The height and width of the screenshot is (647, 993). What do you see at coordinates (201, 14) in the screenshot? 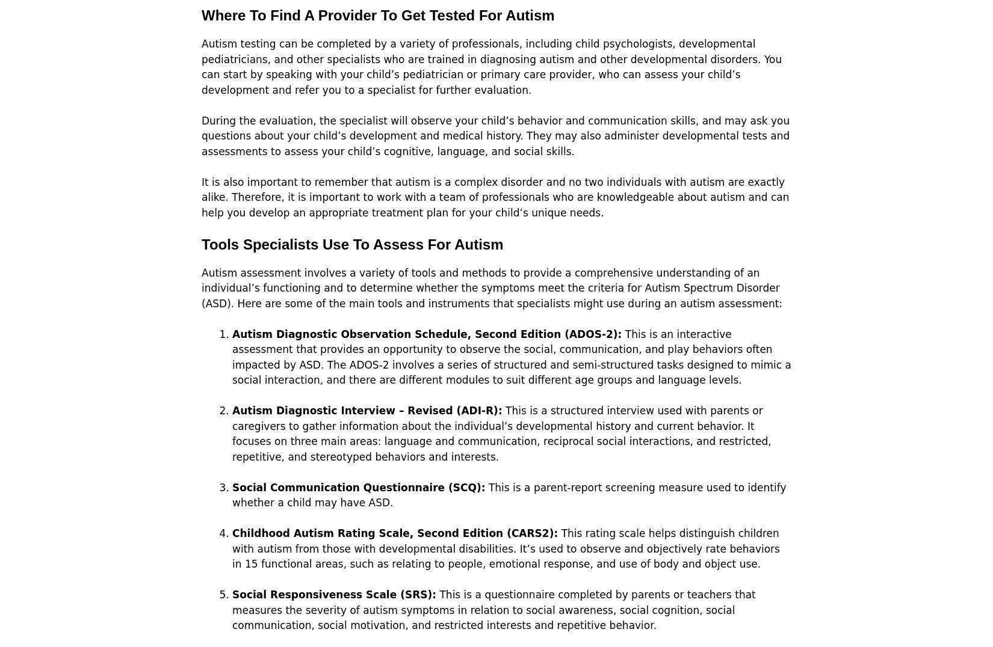
I see `'Where To Find A Provider To Get Tested For Autism'` at bounding box center [201, 14].